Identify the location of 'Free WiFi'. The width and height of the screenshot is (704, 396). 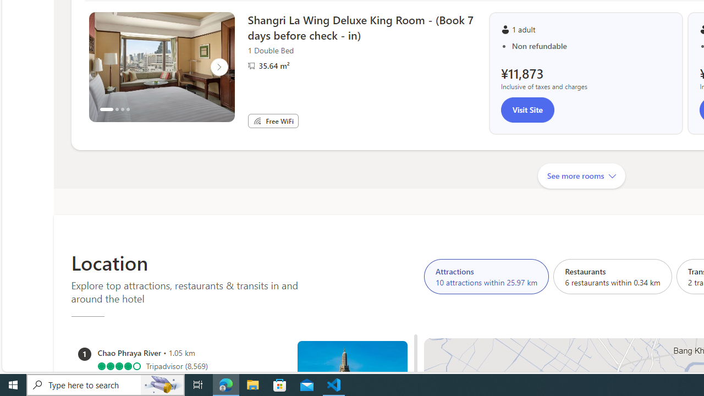
(256, 120).